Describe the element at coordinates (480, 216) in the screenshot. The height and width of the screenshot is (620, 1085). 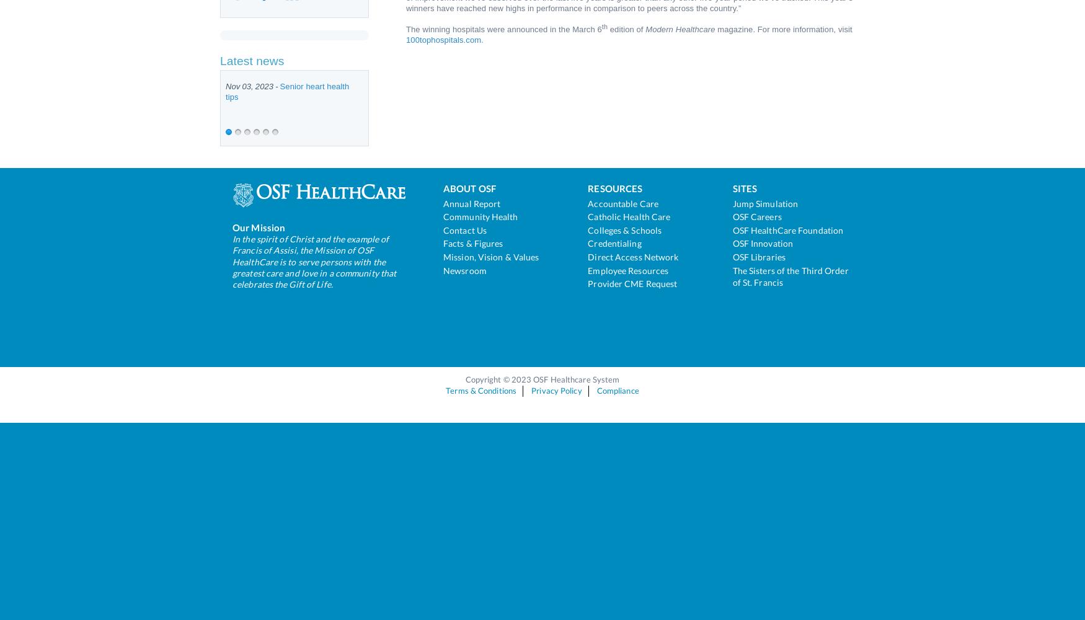
I see `'Community Health'` at that location.